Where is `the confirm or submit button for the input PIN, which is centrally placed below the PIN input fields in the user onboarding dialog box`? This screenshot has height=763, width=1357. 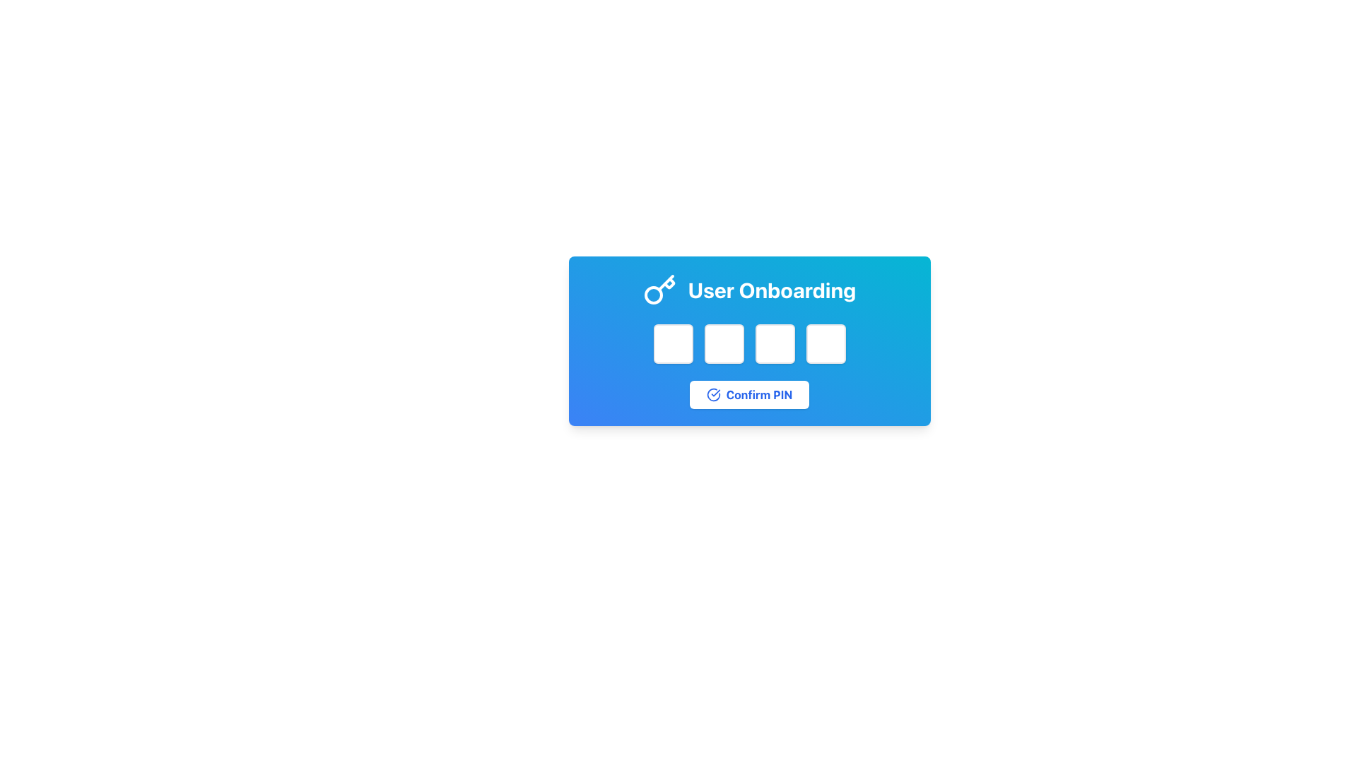
the confirm or submit button for the input PIN, which is centrally placed below the PIN input fields in the user onboarding dialog box is located at coordinates (748, 395).